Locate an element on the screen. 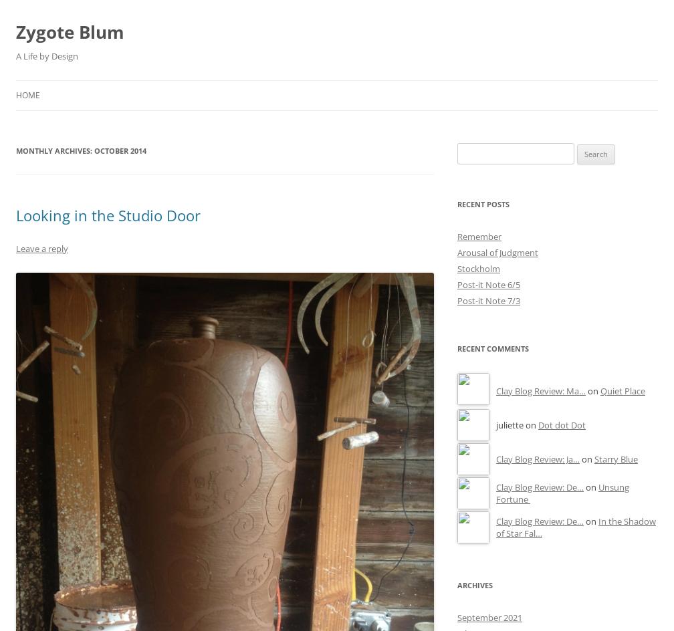 The height and width of the screenshot is (631, 674). 'Recent Comments' is located at coordinates (493, 348).